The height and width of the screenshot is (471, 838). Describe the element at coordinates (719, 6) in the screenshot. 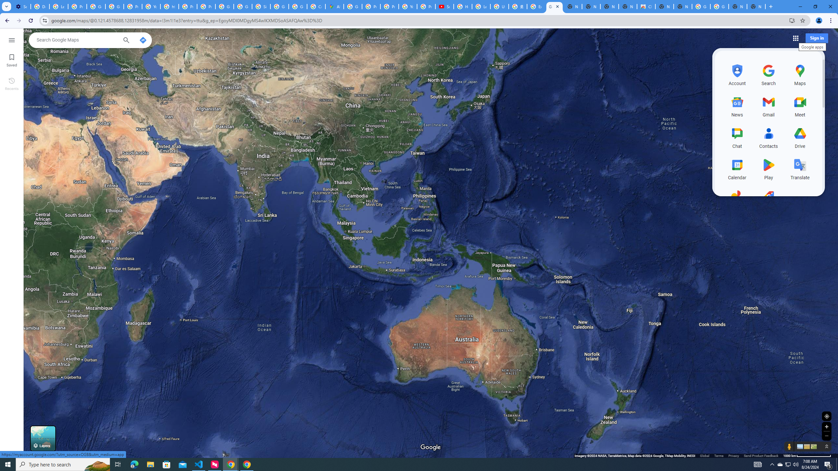

I see `'Google Images'` at that location.